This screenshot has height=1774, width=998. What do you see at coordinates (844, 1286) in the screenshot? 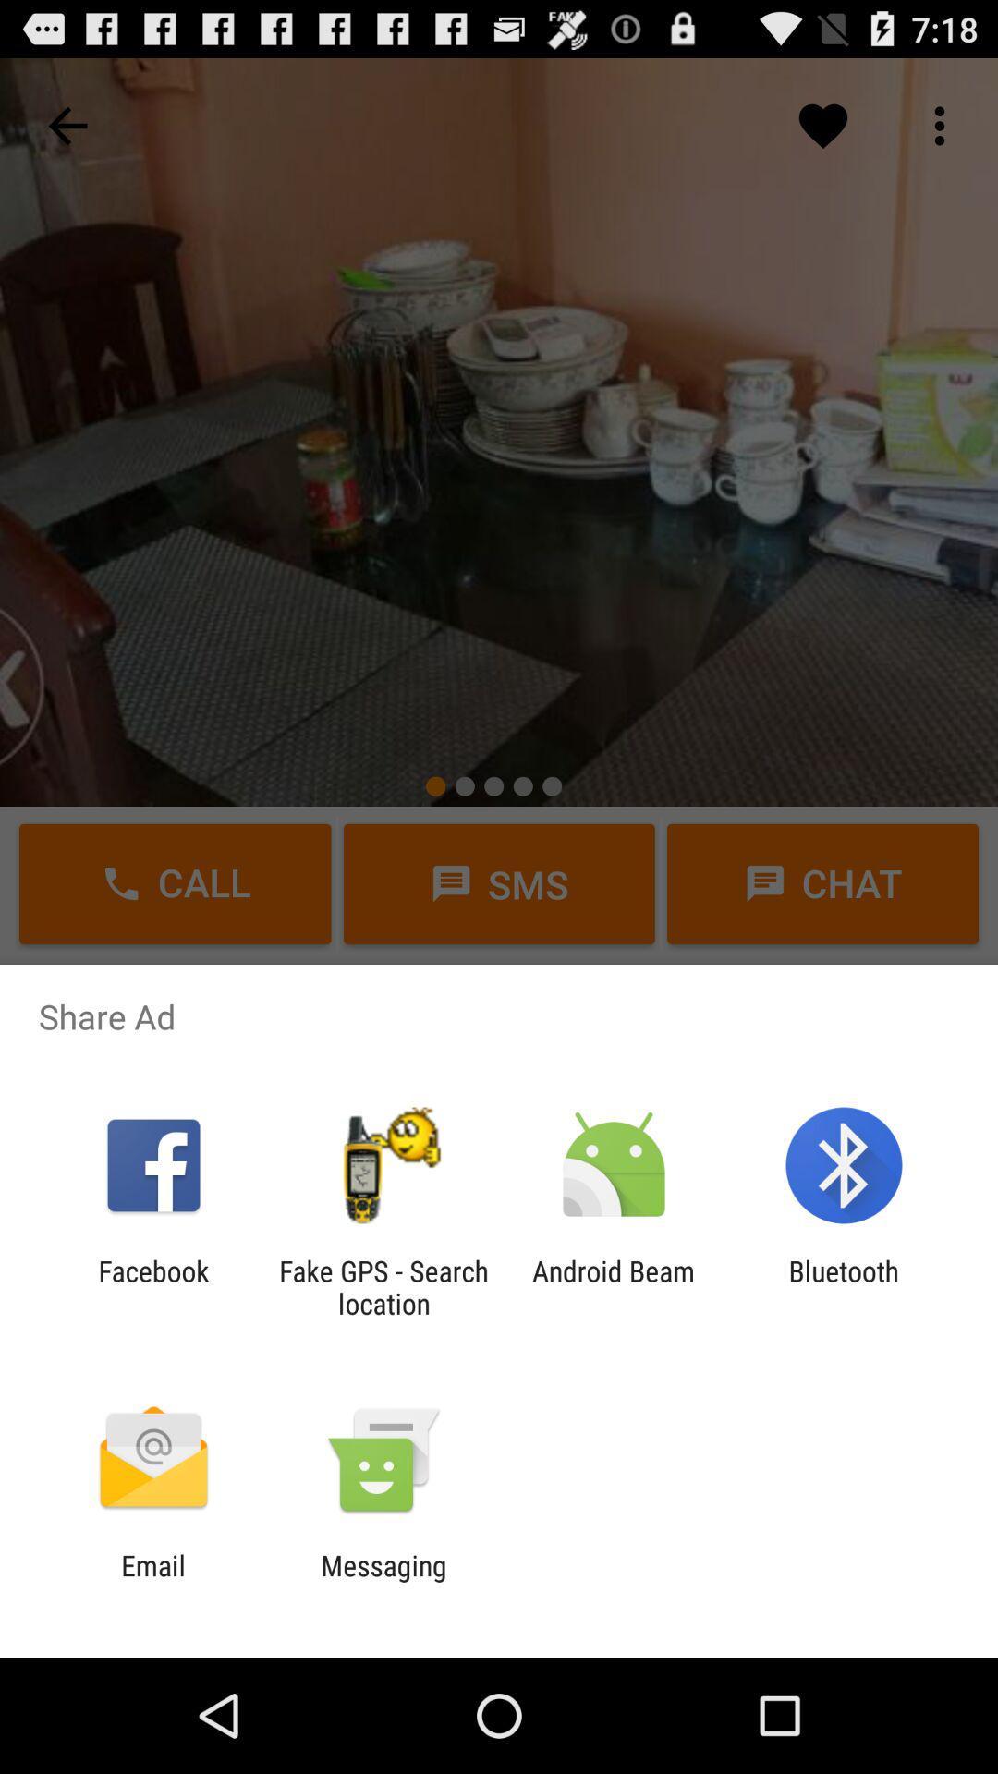
I see `the app at the bottom right corner` at bounding box center [844, 1286].